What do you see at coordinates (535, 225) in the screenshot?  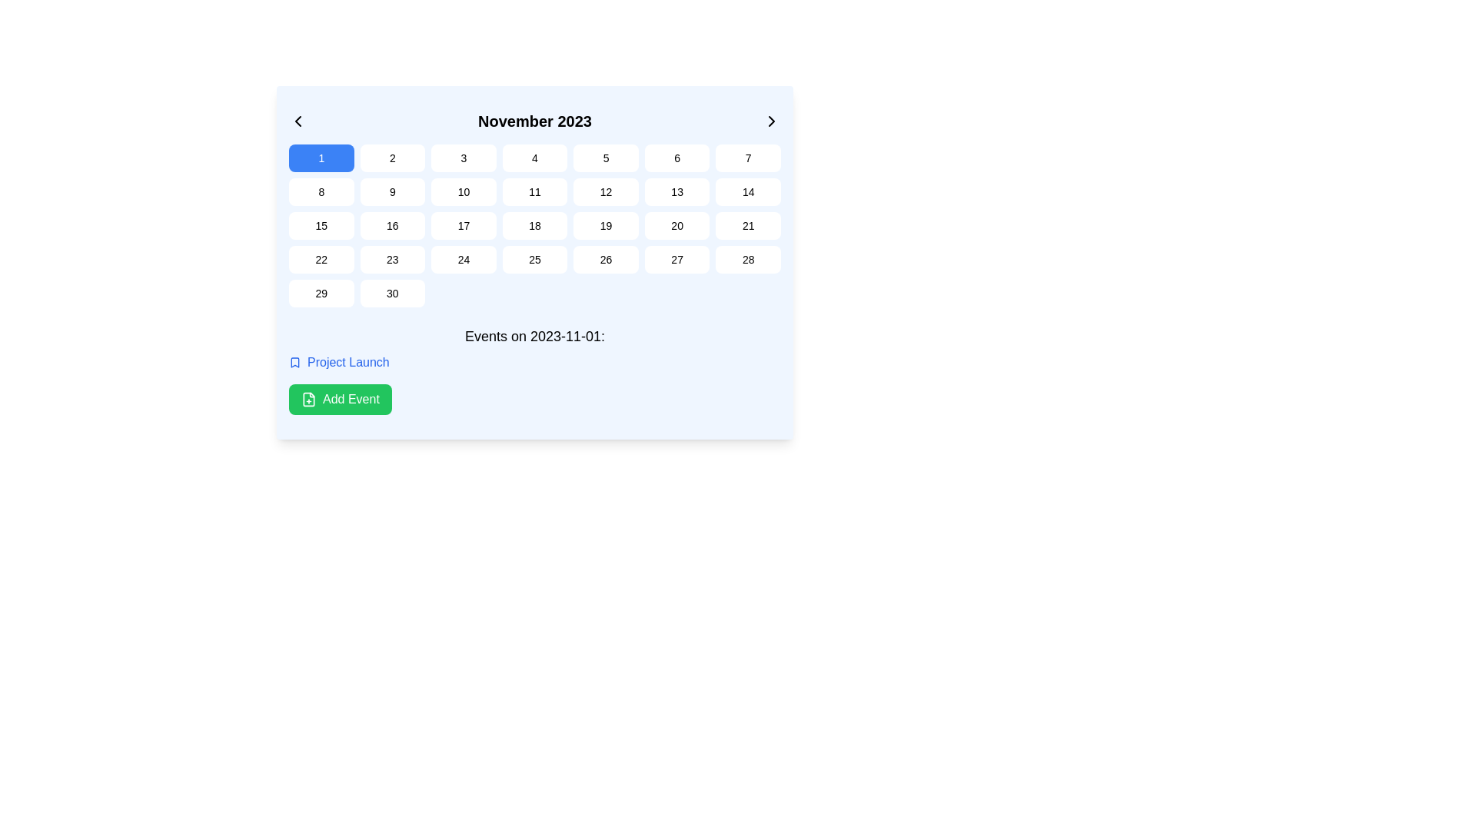 I see `the button representing the 18th day in the calendar interface to focus on it` at bounding box center [535, 225].